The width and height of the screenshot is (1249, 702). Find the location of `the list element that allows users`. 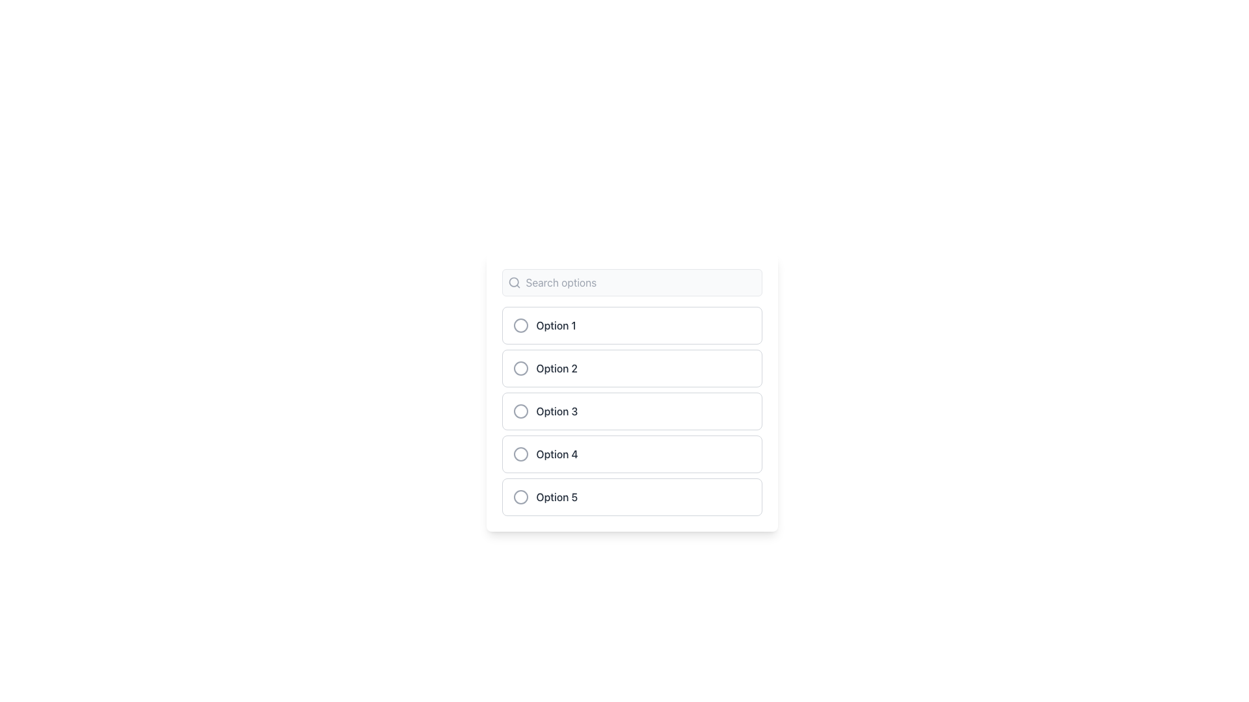

the list element that allows users is located at coordinates (632, 392).